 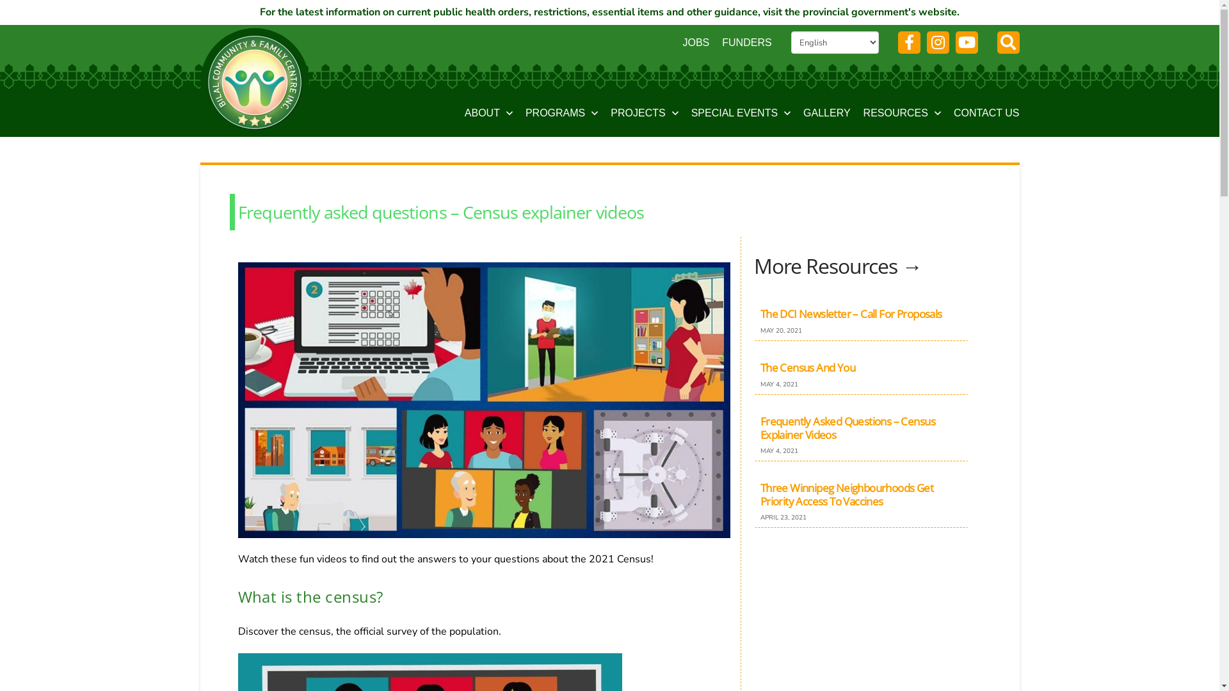 What do you see at coordinates (826, 114) in the screenshot?
I see `'GALLERY'` at bounding box center [826, 114].